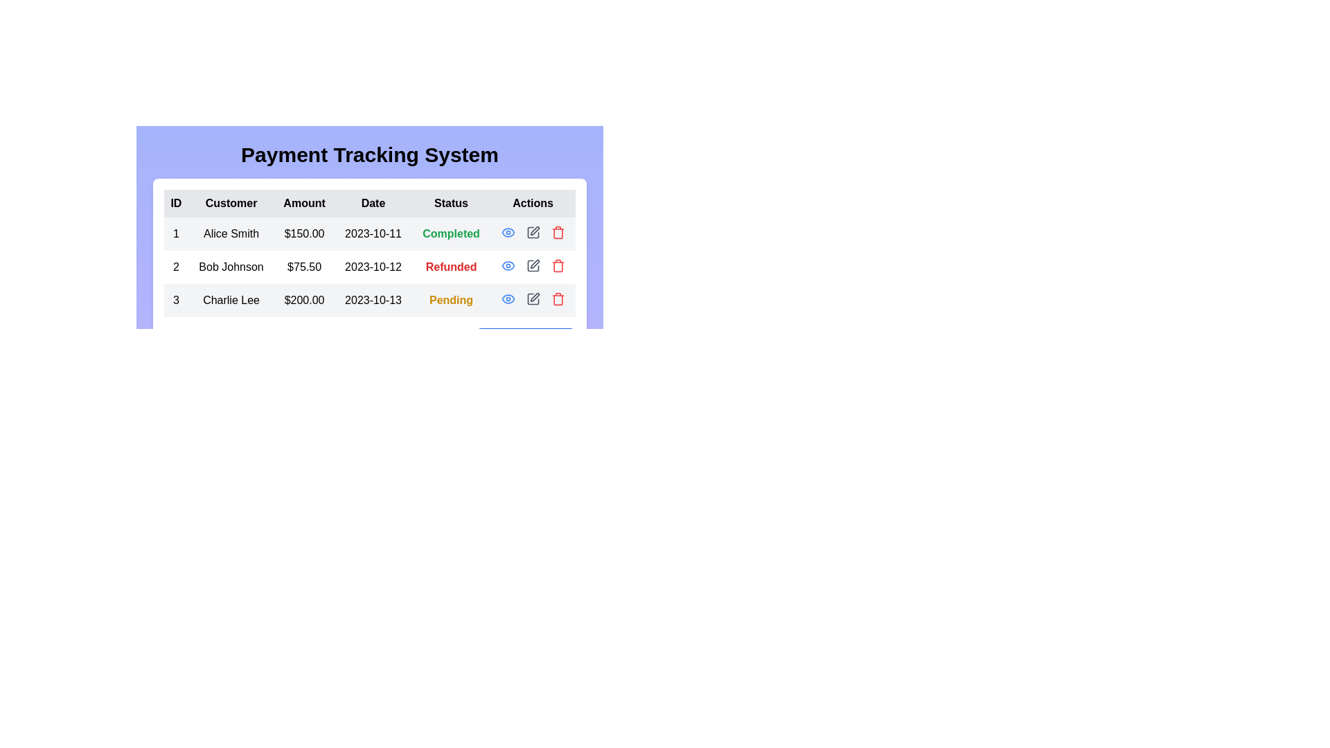 The image size is (1330, 748). I want to click on the text display element showing the amount '$150.00' in the 'Amount' column for the customer 'Alice Smith' in the payment details table, so click(303, 233).